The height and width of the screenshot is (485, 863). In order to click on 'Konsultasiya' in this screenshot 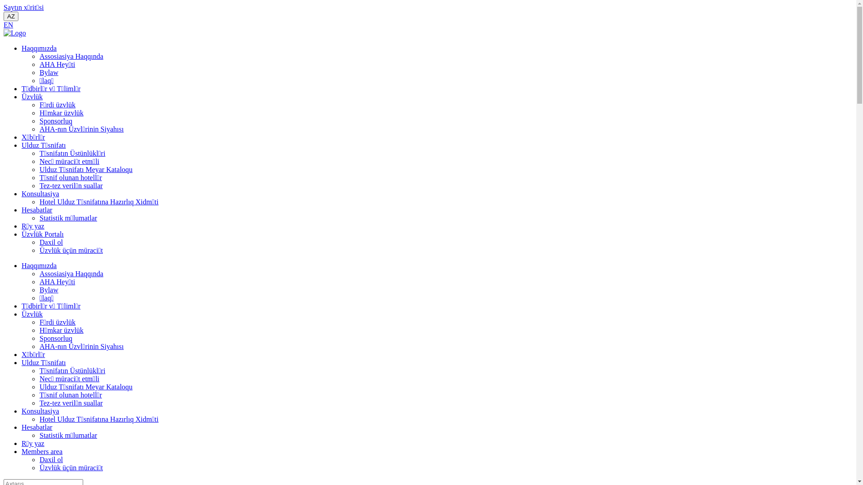, I will do `click(22, 193)`.